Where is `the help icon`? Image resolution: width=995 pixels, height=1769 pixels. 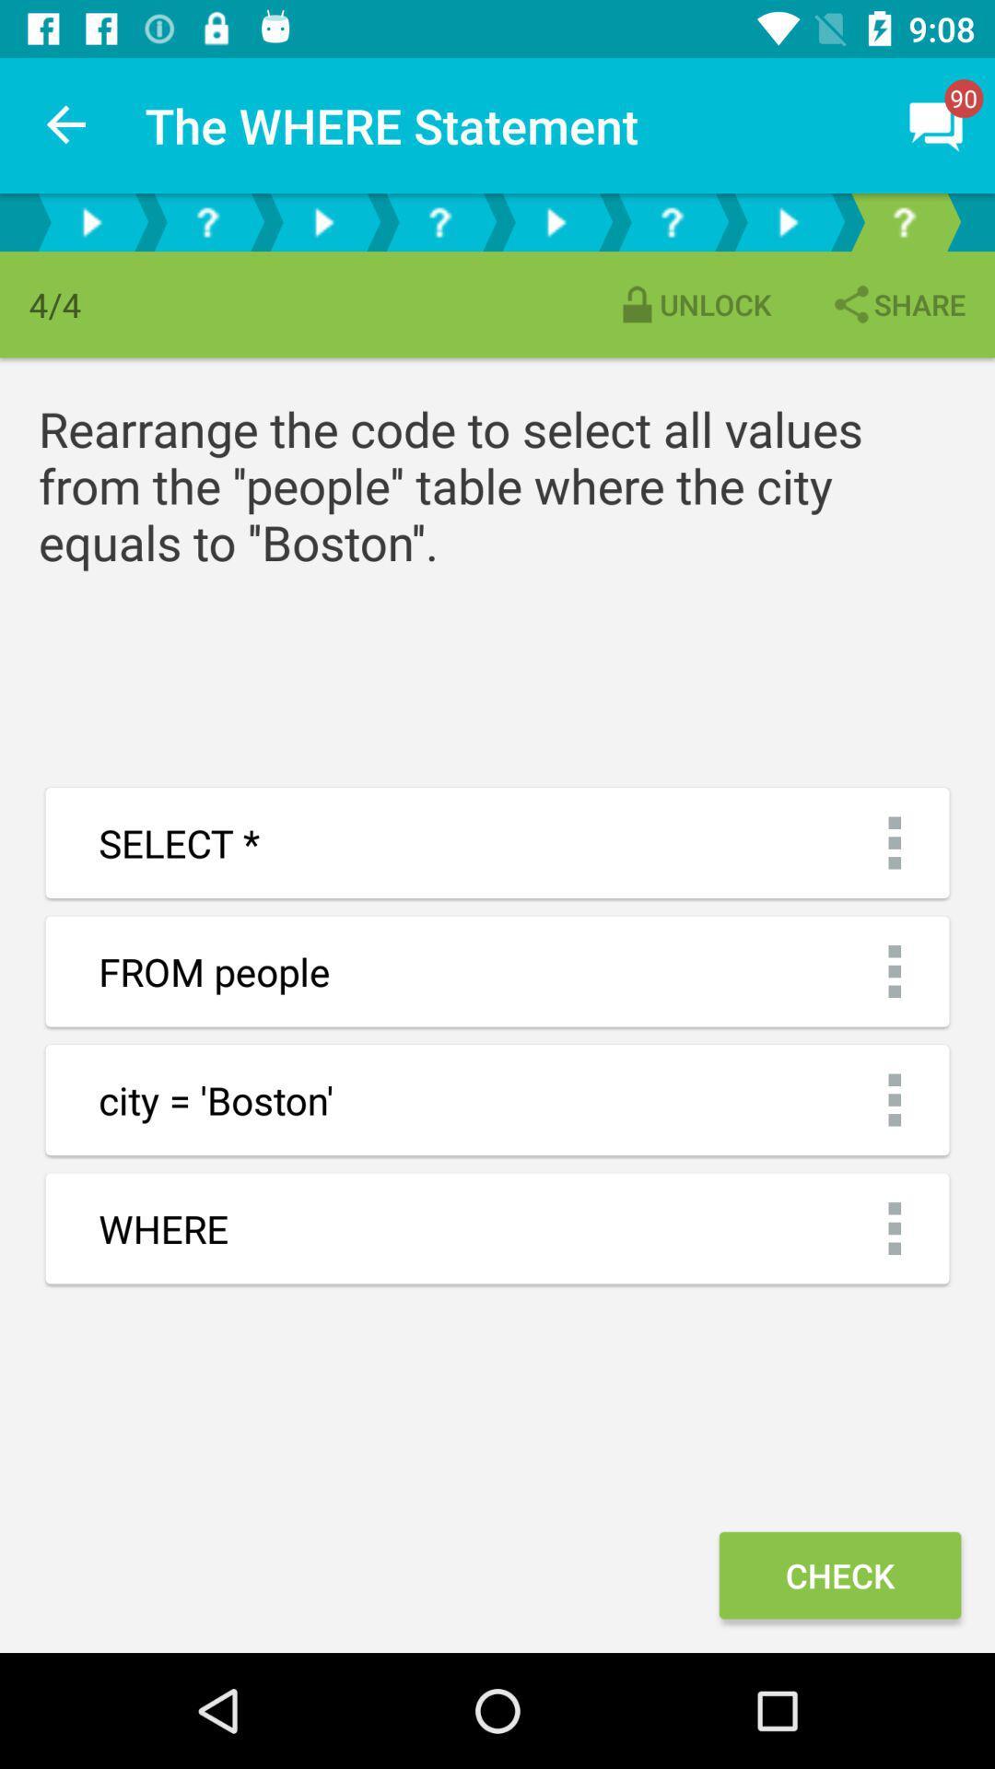
the help icon is located at coordinates (439, 221).